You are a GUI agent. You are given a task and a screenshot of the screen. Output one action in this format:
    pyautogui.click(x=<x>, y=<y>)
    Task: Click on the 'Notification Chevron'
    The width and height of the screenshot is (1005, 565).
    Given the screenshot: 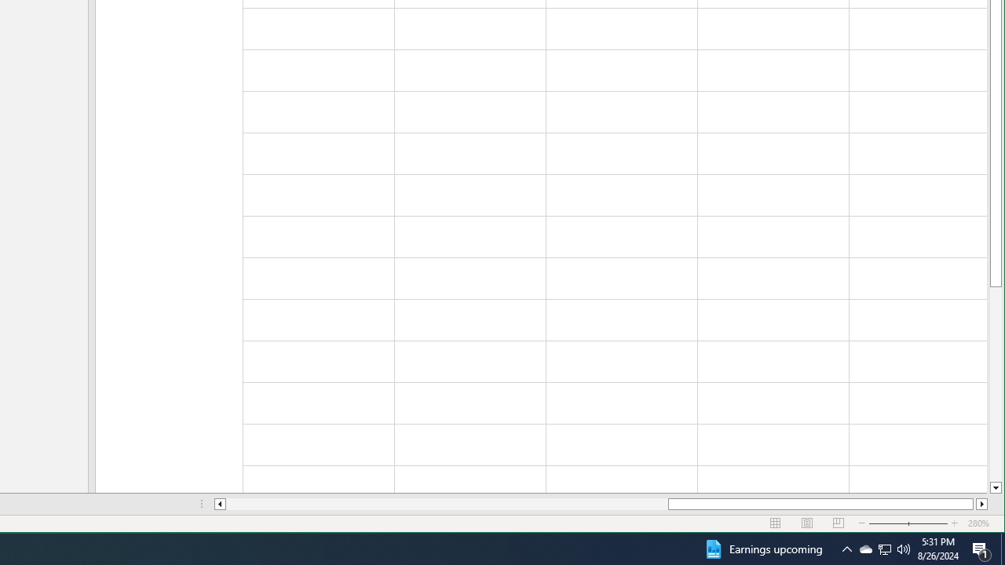 What is the action you would take?
    pyautogui.click(x=846, y=548)
    